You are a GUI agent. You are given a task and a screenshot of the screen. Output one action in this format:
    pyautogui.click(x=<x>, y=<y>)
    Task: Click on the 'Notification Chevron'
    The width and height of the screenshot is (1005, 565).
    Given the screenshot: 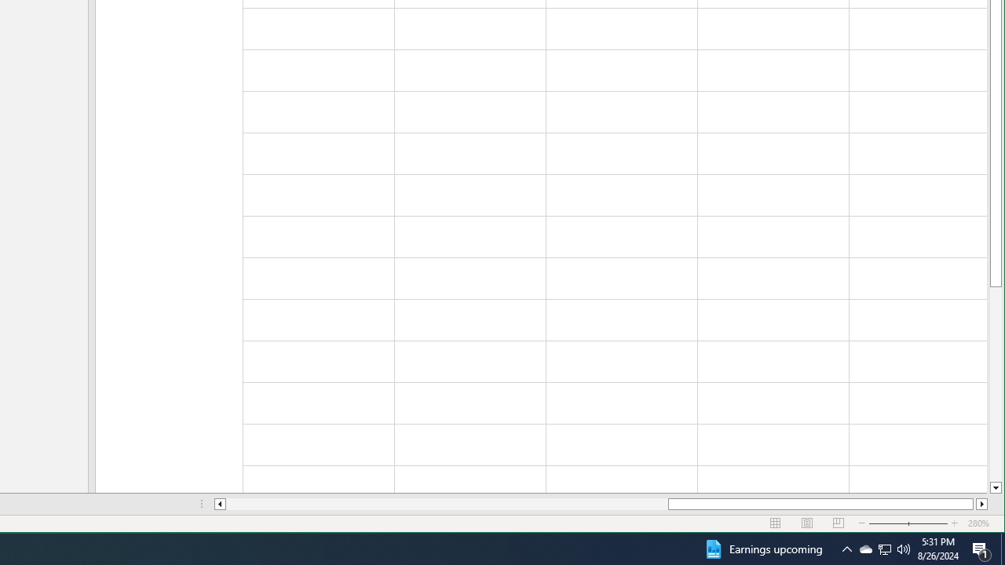 What is the action you would take?
    pyautogui.click(x=846, y=548)
    